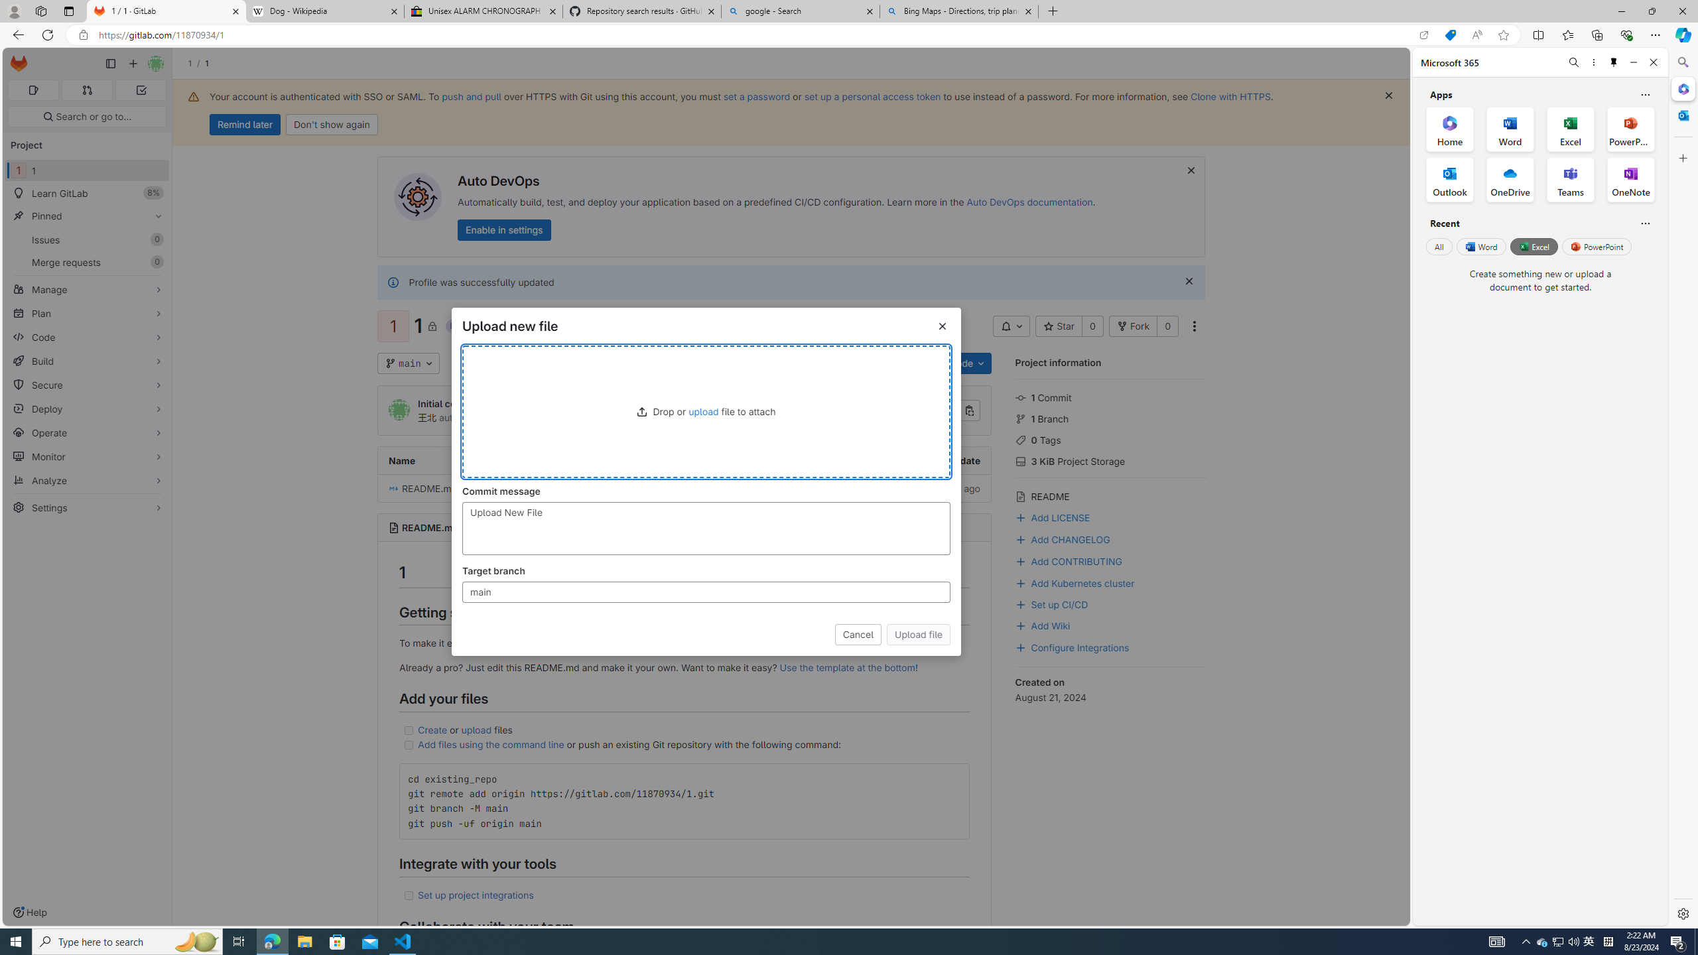 This screenshot has width=1698, height=955. I want to click on 'Excel', so click(1533, 246).